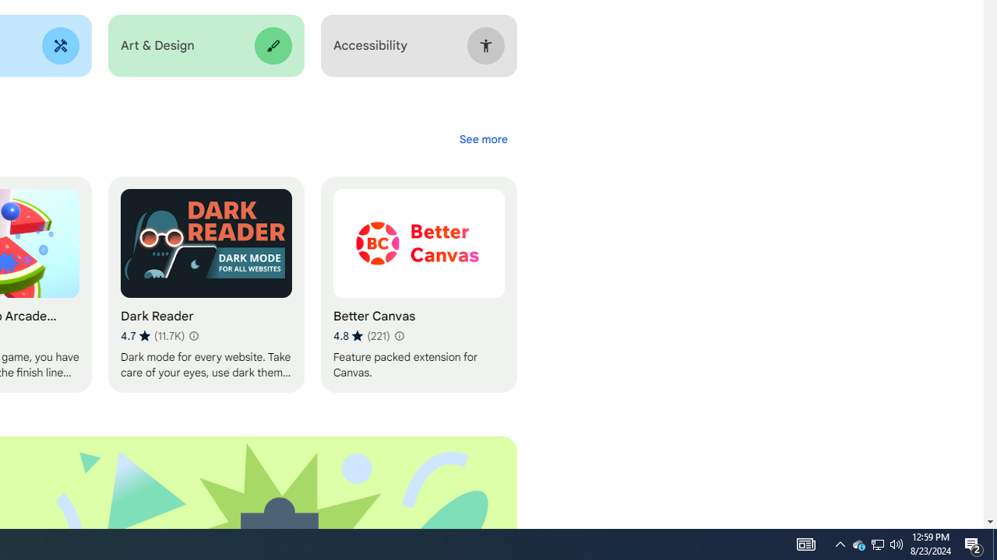  Describe the element at coordinates (399, 335) in the screenshot. I see `'Learn more about results and reviews "Better Canvas"'` at that location.